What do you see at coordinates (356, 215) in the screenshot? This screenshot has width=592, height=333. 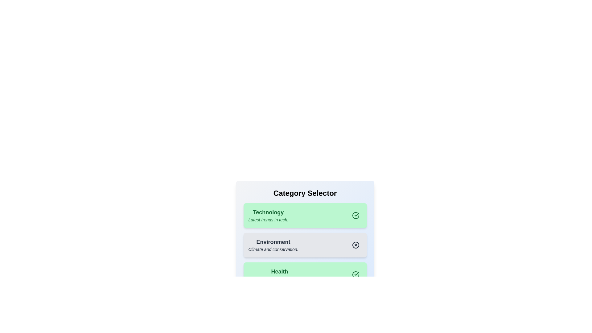 I see `the toggle button for the category Technology to toggle its active state` at bounding box center [356, 215].